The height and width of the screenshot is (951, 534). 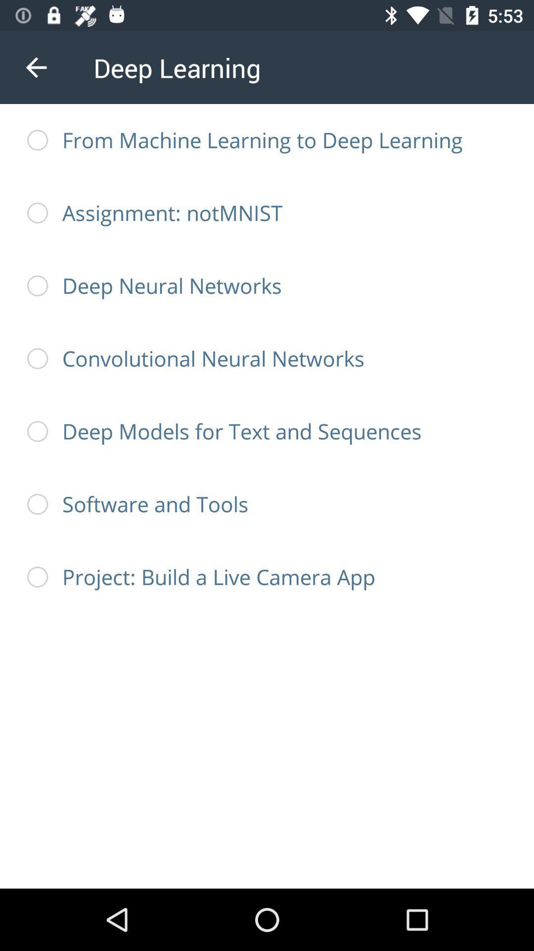 I want to click on the icon above the from machine learning item, so click(x=36, y=67).